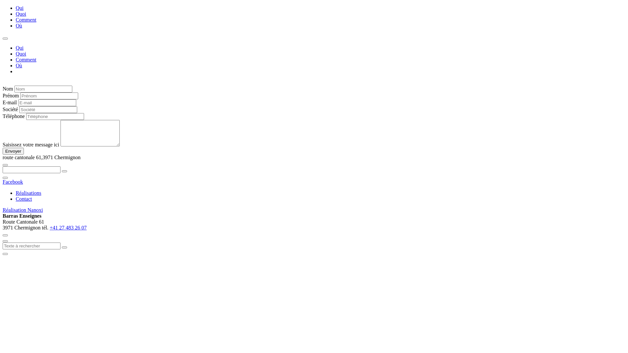 The image size is (628, 353). Describe the element at coordinates (64, 247) in the screenshot. I see `'Search'` at that location.